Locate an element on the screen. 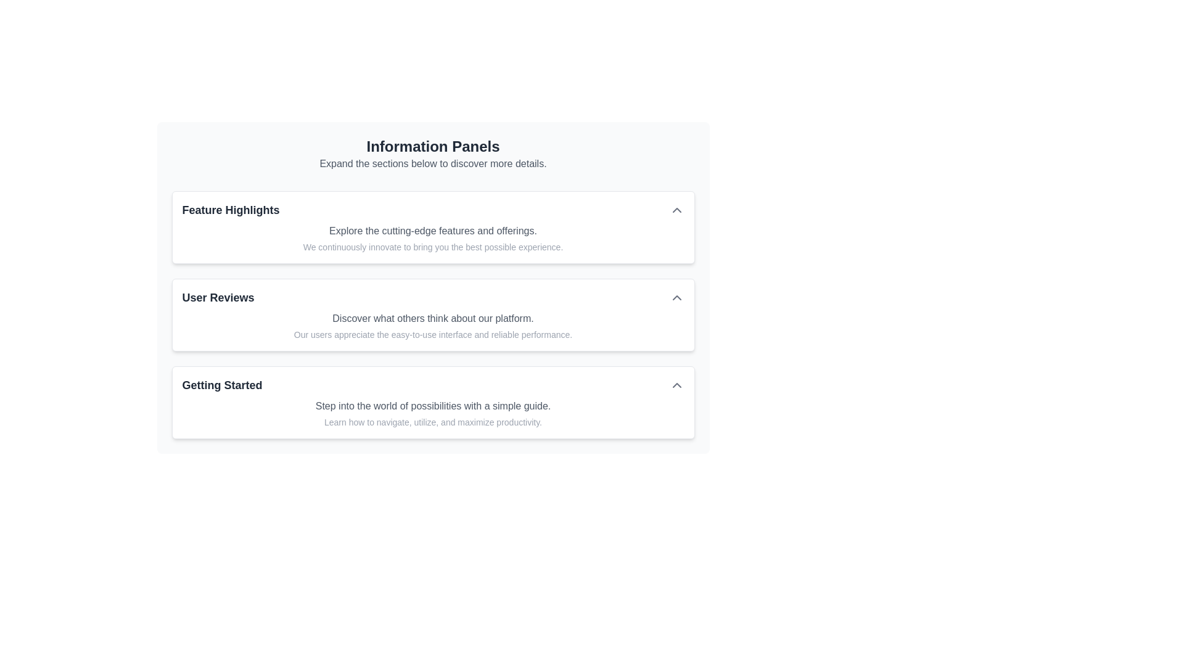 The image size is (1184, 666). the text element styled with a smaller gray font reading 'Learn how to navigate, utilize, and maximize productivity.' located in the 'Getting Started' panel is located at coordinates (433, 422).